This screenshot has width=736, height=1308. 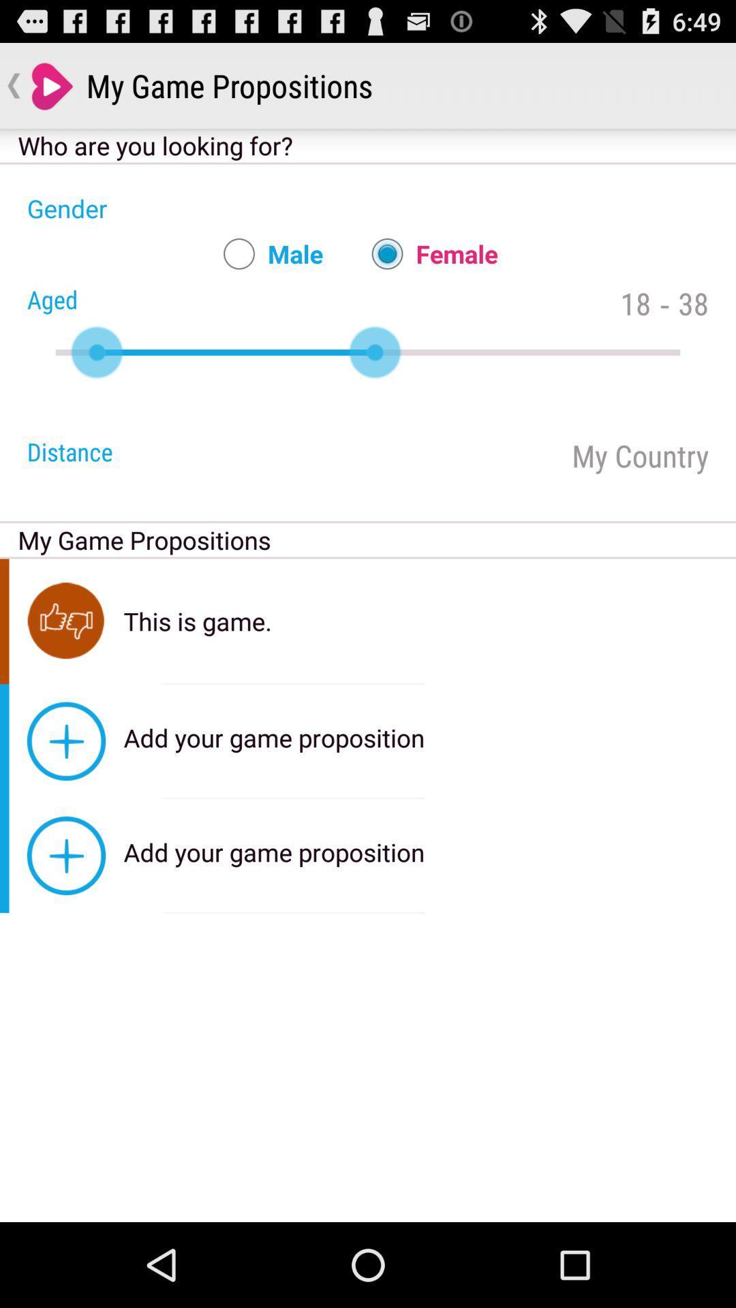 What do you see at coordinates (66, 741) in the screenshot?
I see `the plus icon` at bounding box center [66, 741].